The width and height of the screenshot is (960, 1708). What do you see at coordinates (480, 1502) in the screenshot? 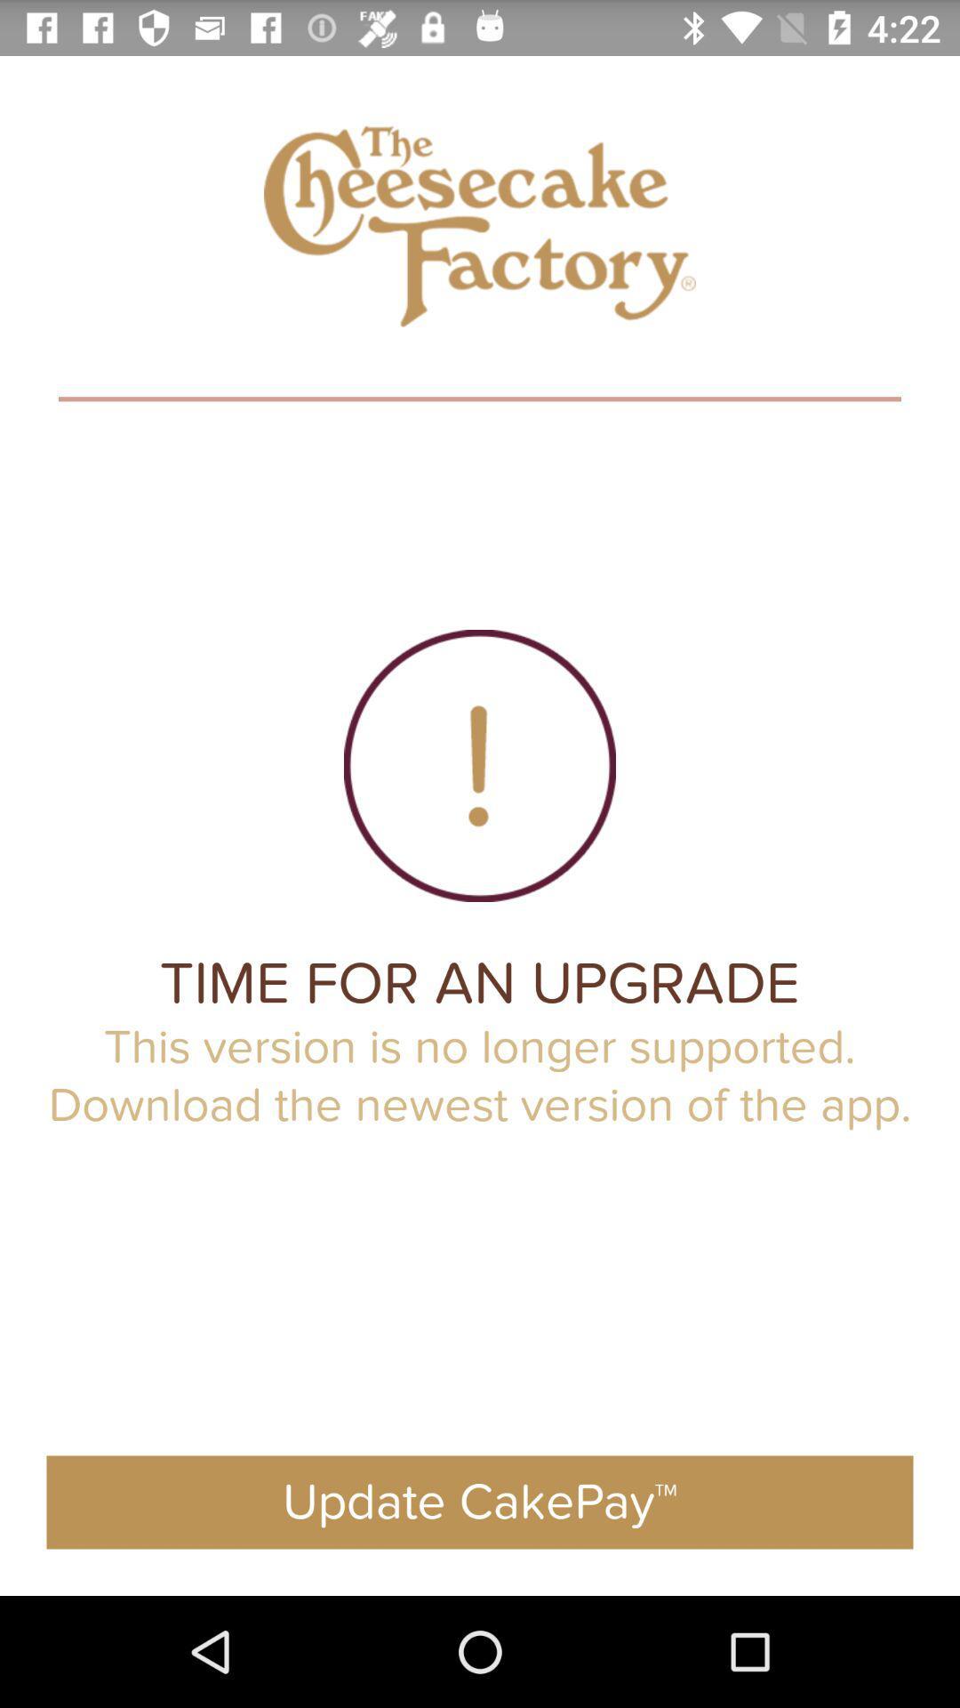
I see `app at the bottom` at bounding box center [480, 1502].